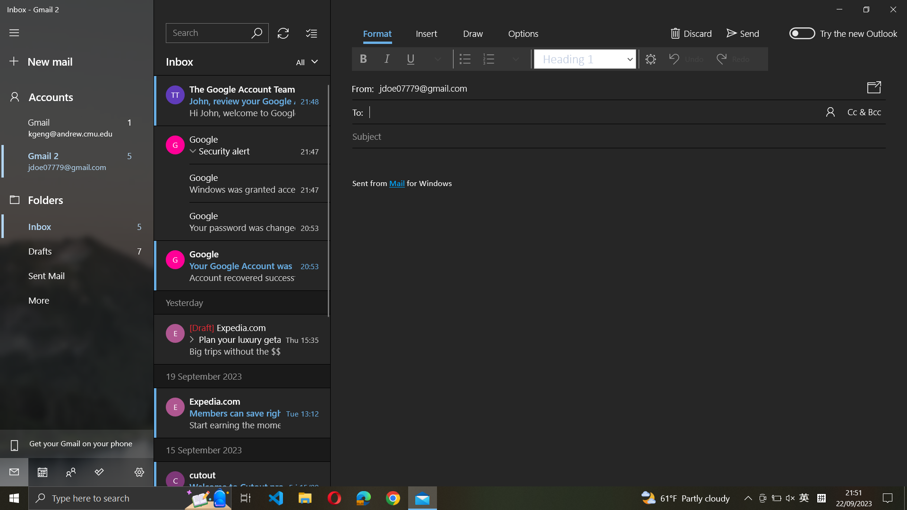  What do you see at coordinates (362, 58) in the screenshot?
I see `Switch the text to bold` at bounding box center [362, 58].